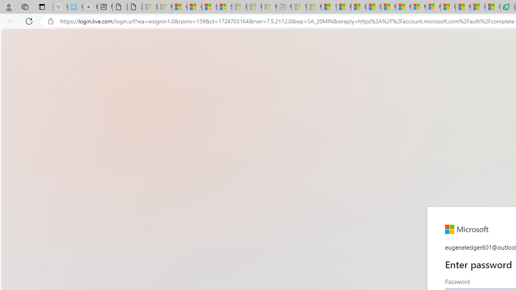  Describe the element at coordinates (90, 7) in the screenshot. I see `'Buy iPad - Apple - Sleeping'` at that location.